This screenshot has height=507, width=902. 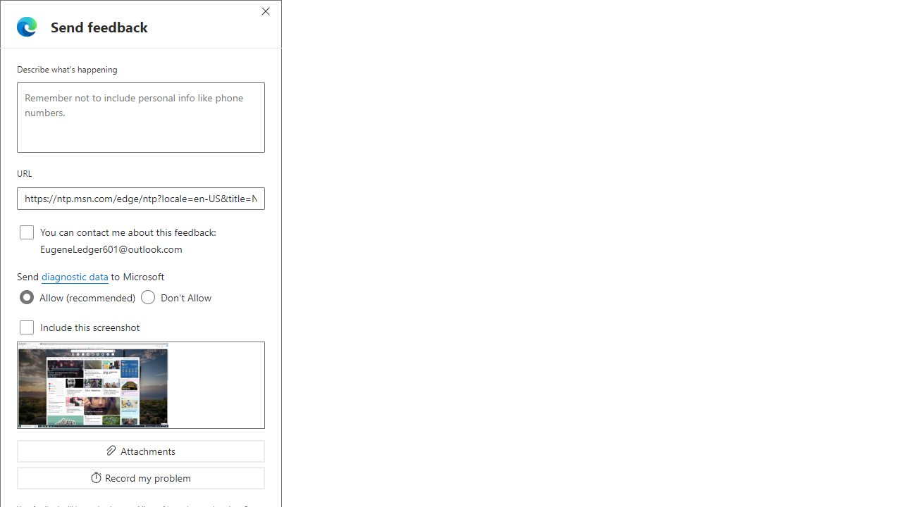 What do you see at coordinates (148, 296) in the screenshot?
I see `'Don'` at bounding box center [148, 296].